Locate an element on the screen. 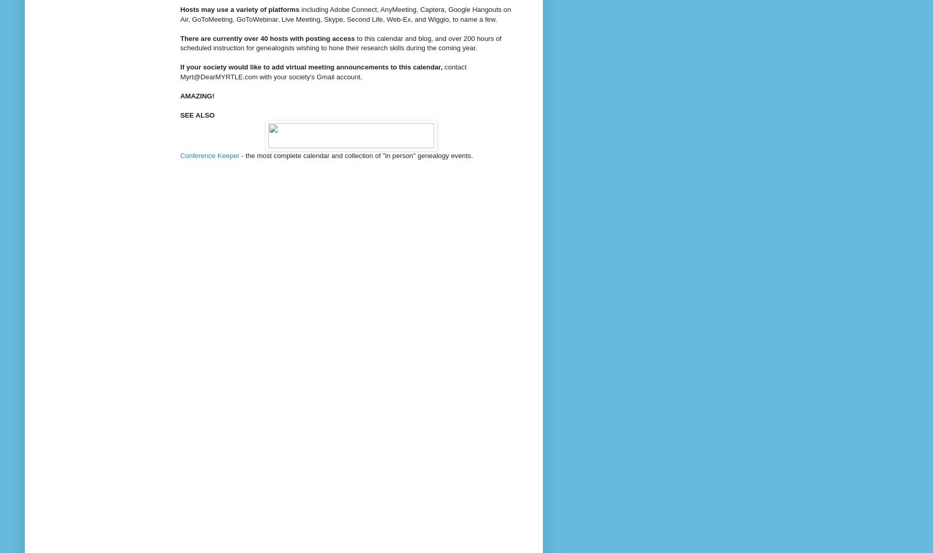  'contact Myrt@DearMYRTLE' is located at coordinates (323, 71).